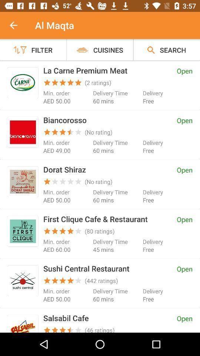  I want to click on app icon, so click(23, 231).